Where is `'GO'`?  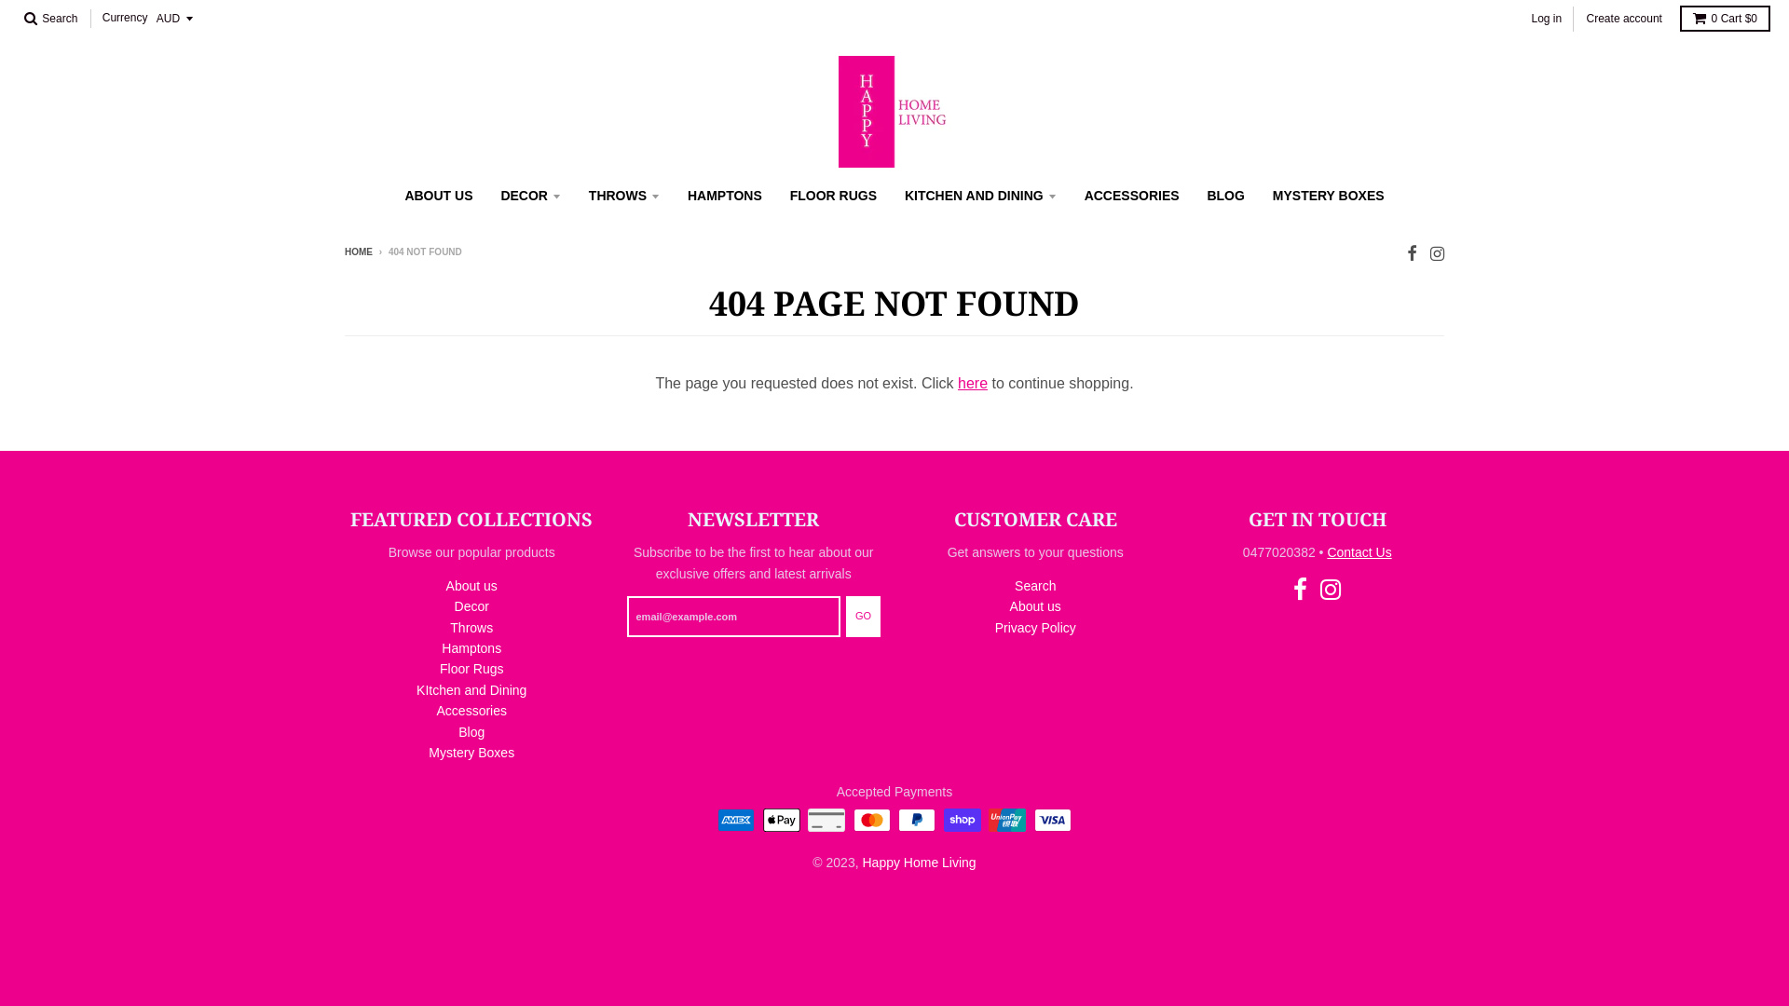 'GO' is located at coordinates (862, 617).